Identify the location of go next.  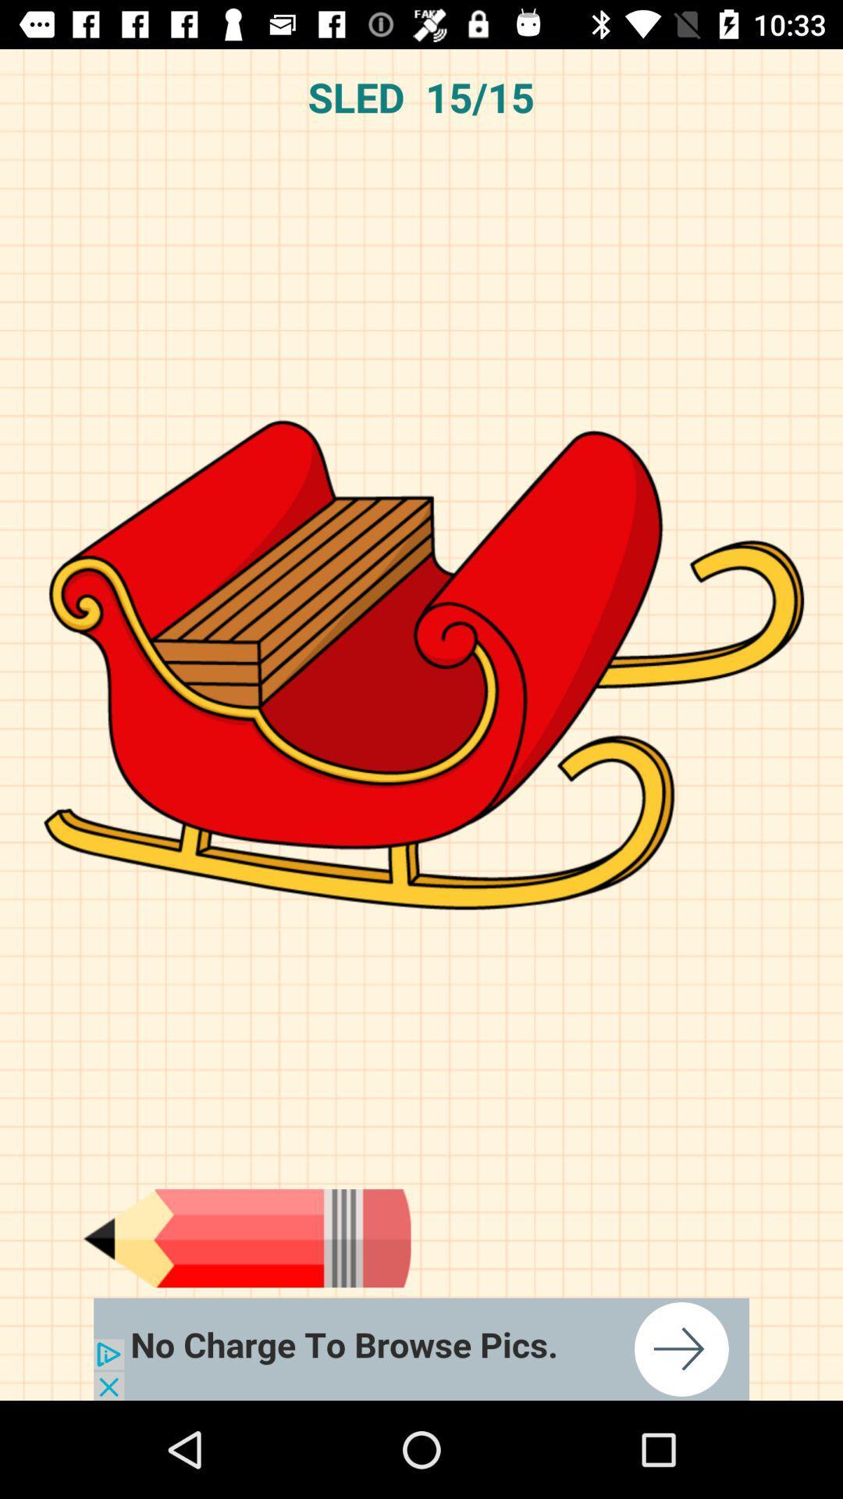
(246, 1237).